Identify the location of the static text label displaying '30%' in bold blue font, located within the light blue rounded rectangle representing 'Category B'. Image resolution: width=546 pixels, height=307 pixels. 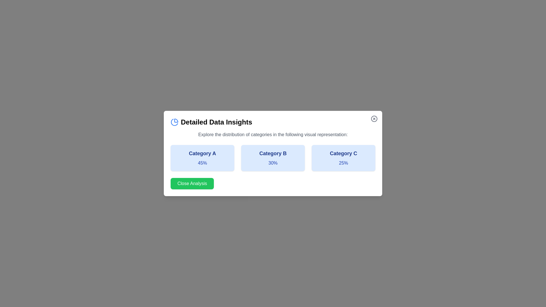
(273, 163).